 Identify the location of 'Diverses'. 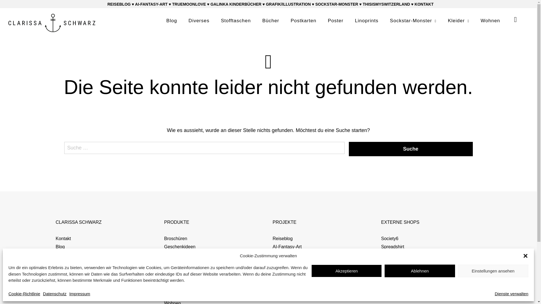
(199, 20).